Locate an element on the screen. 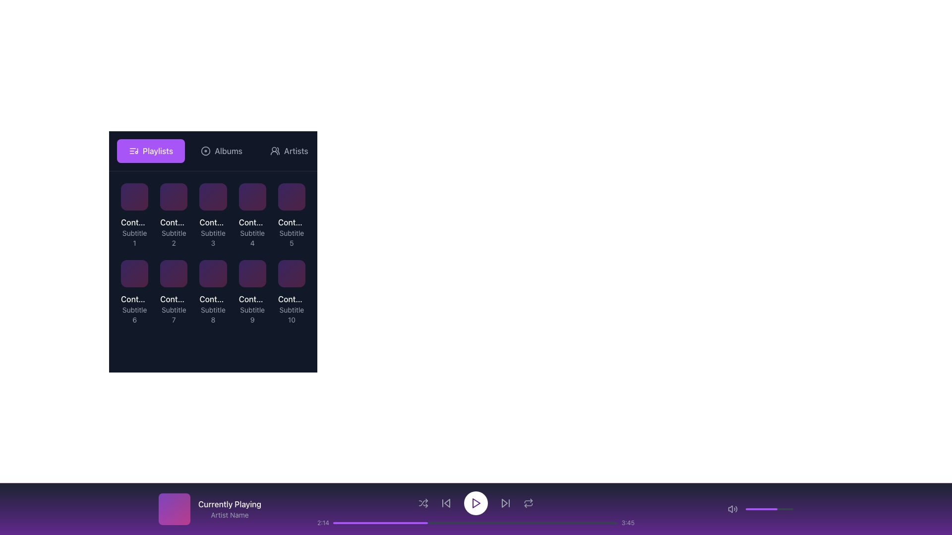  the leftward pointing button icon, which is gray by default and transitions to white when hovered, located in the player control panel with a purple background, specifically the second element from the left is located at coordinates (446, 503).